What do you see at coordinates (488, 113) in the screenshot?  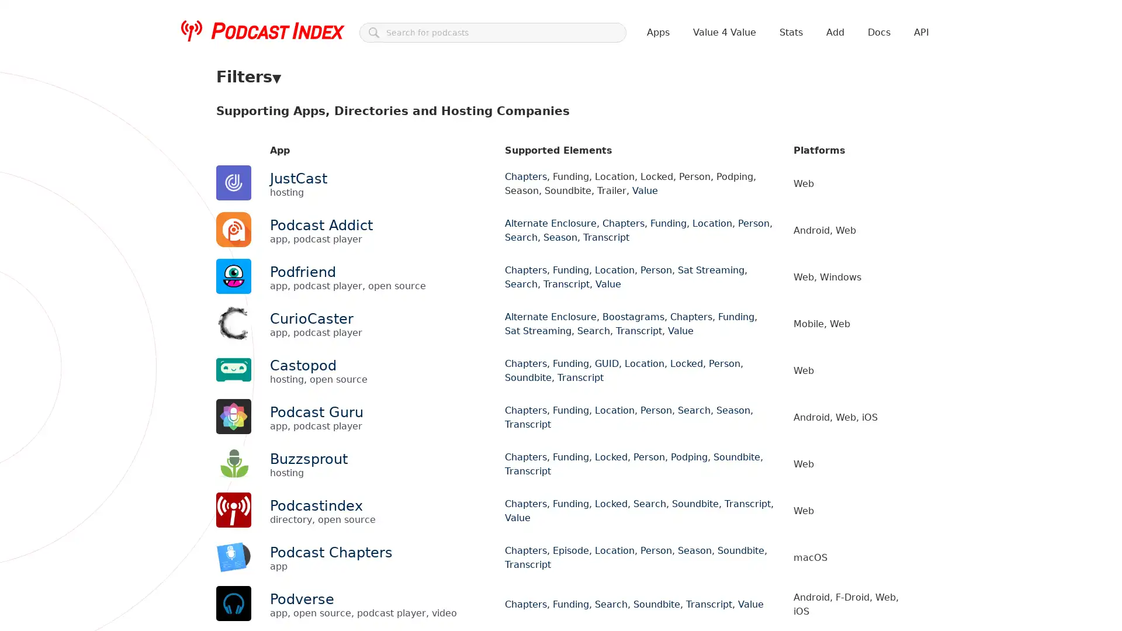 I see `Hosting` at bounding box center [488, 113].